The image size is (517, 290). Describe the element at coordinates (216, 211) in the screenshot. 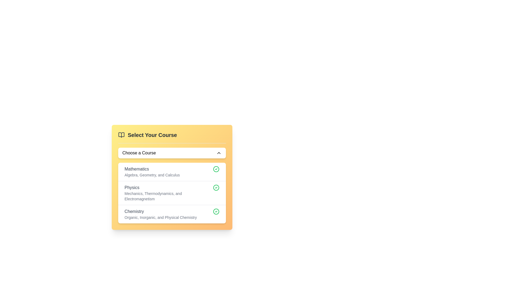

I see `the green circular check mark icon located next to the 'Chemistry' course entry in the third row of the course selection list` at that location.